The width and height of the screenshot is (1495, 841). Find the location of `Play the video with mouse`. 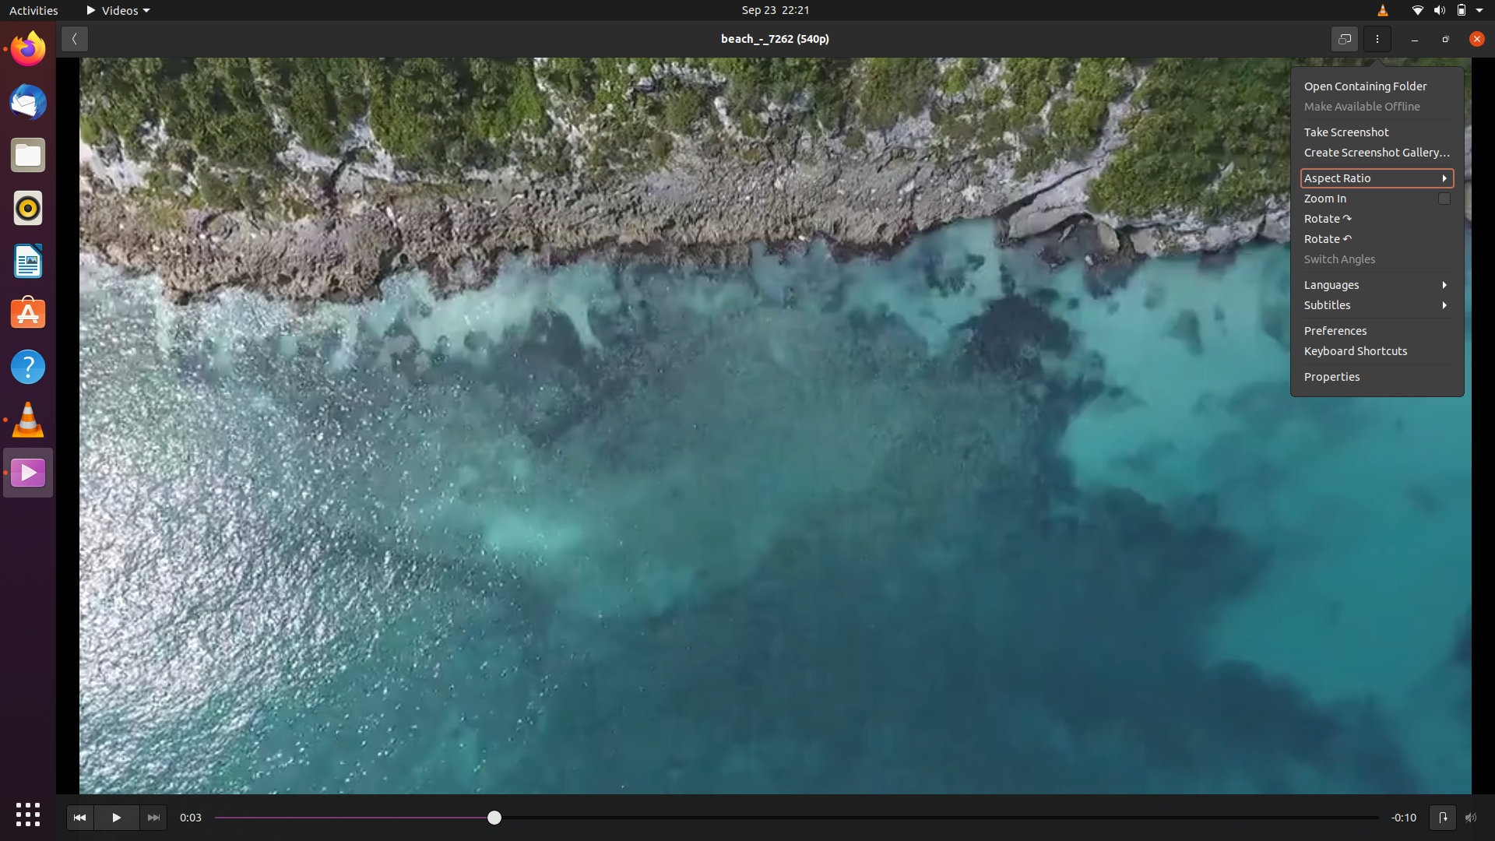

Play the video with mouse is located at coordinates (115, 817).